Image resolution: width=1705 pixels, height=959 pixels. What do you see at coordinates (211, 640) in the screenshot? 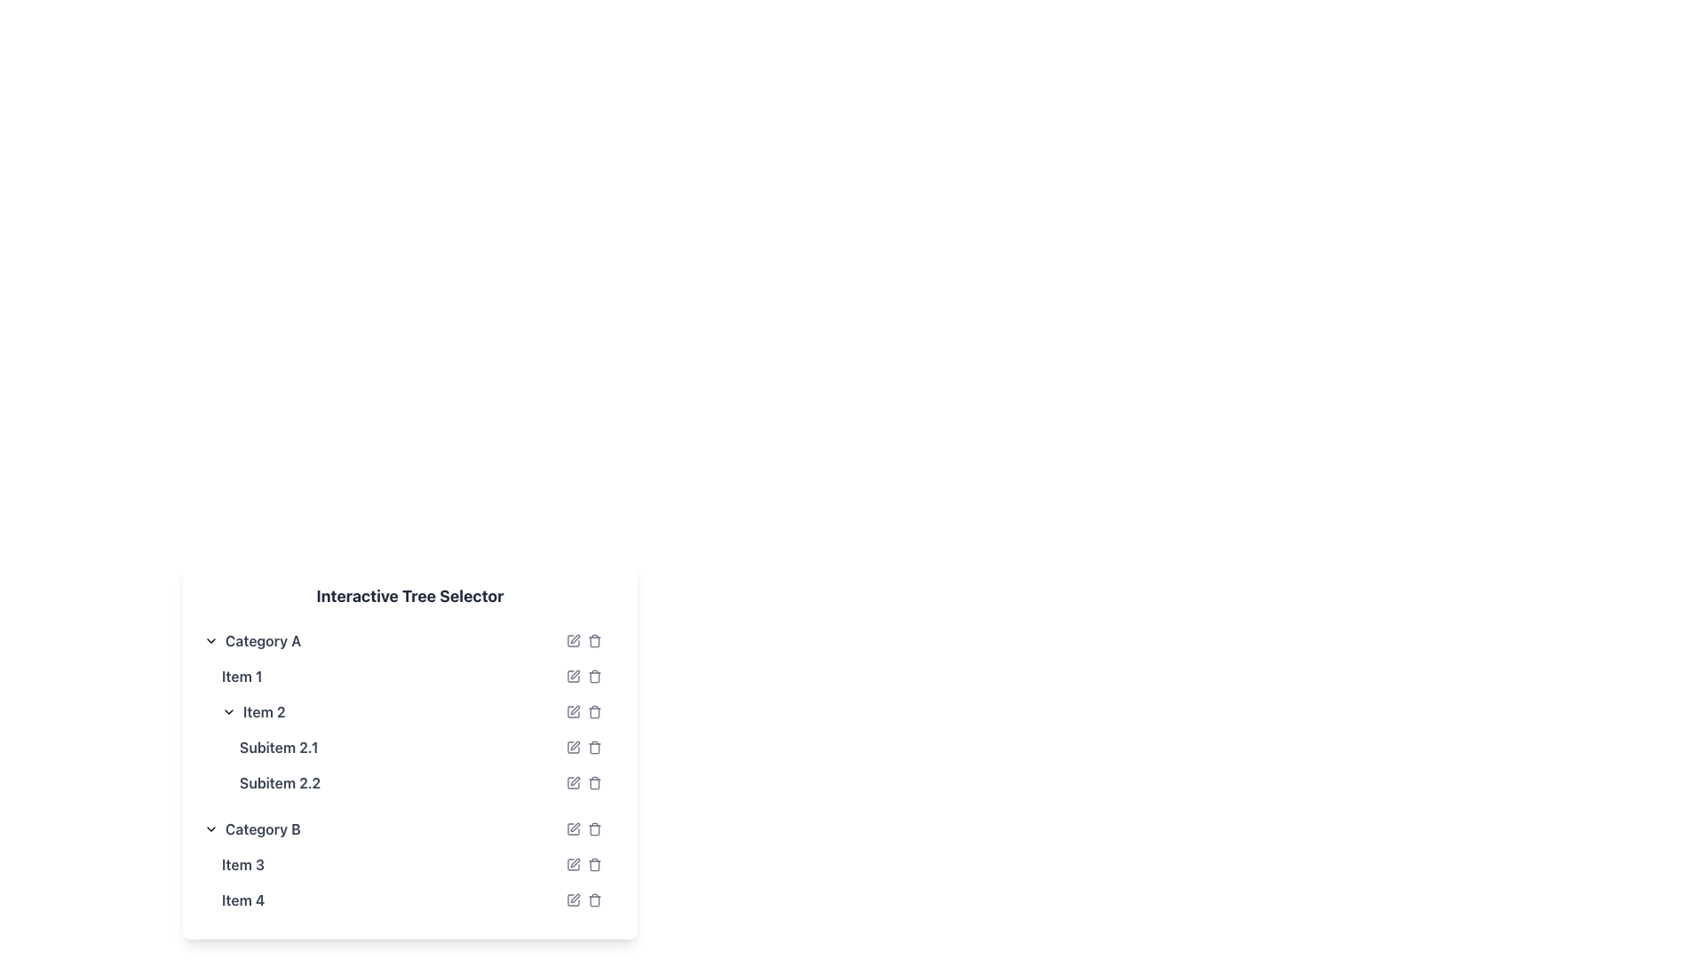
I see `the toggle indicator chevron icon located to the left of the text 'Category A'` at bounding box center [211, 640].